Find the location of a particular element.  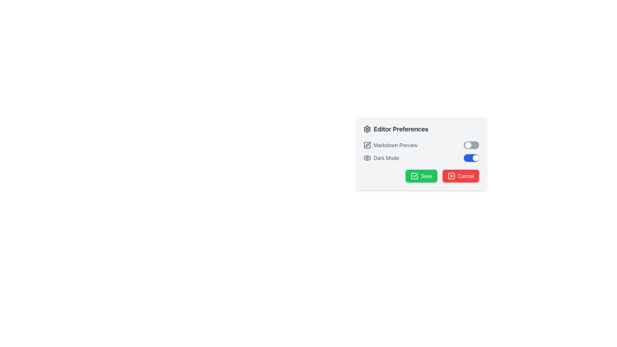

the toggle switch labeled 'Markdown Preview' to switch it on or off is located at coordinates (421, 145).